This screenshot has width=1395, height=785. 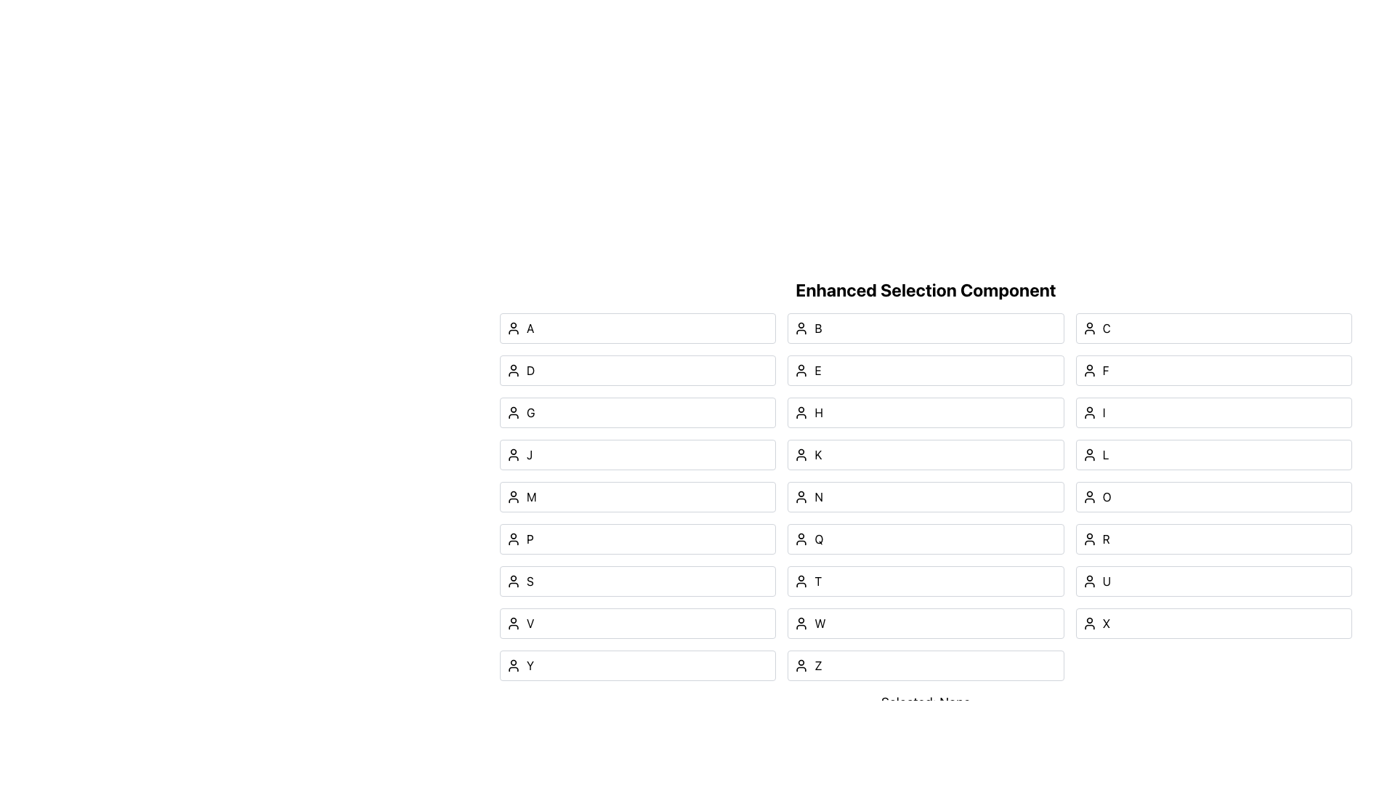 What do you see at coordinates (513, 328) in the screenshot?
I see `the user profile icon located inside the rectangular box labeled 'A' in the first column and first row of the grid layout` at bounding box center [513, 328].